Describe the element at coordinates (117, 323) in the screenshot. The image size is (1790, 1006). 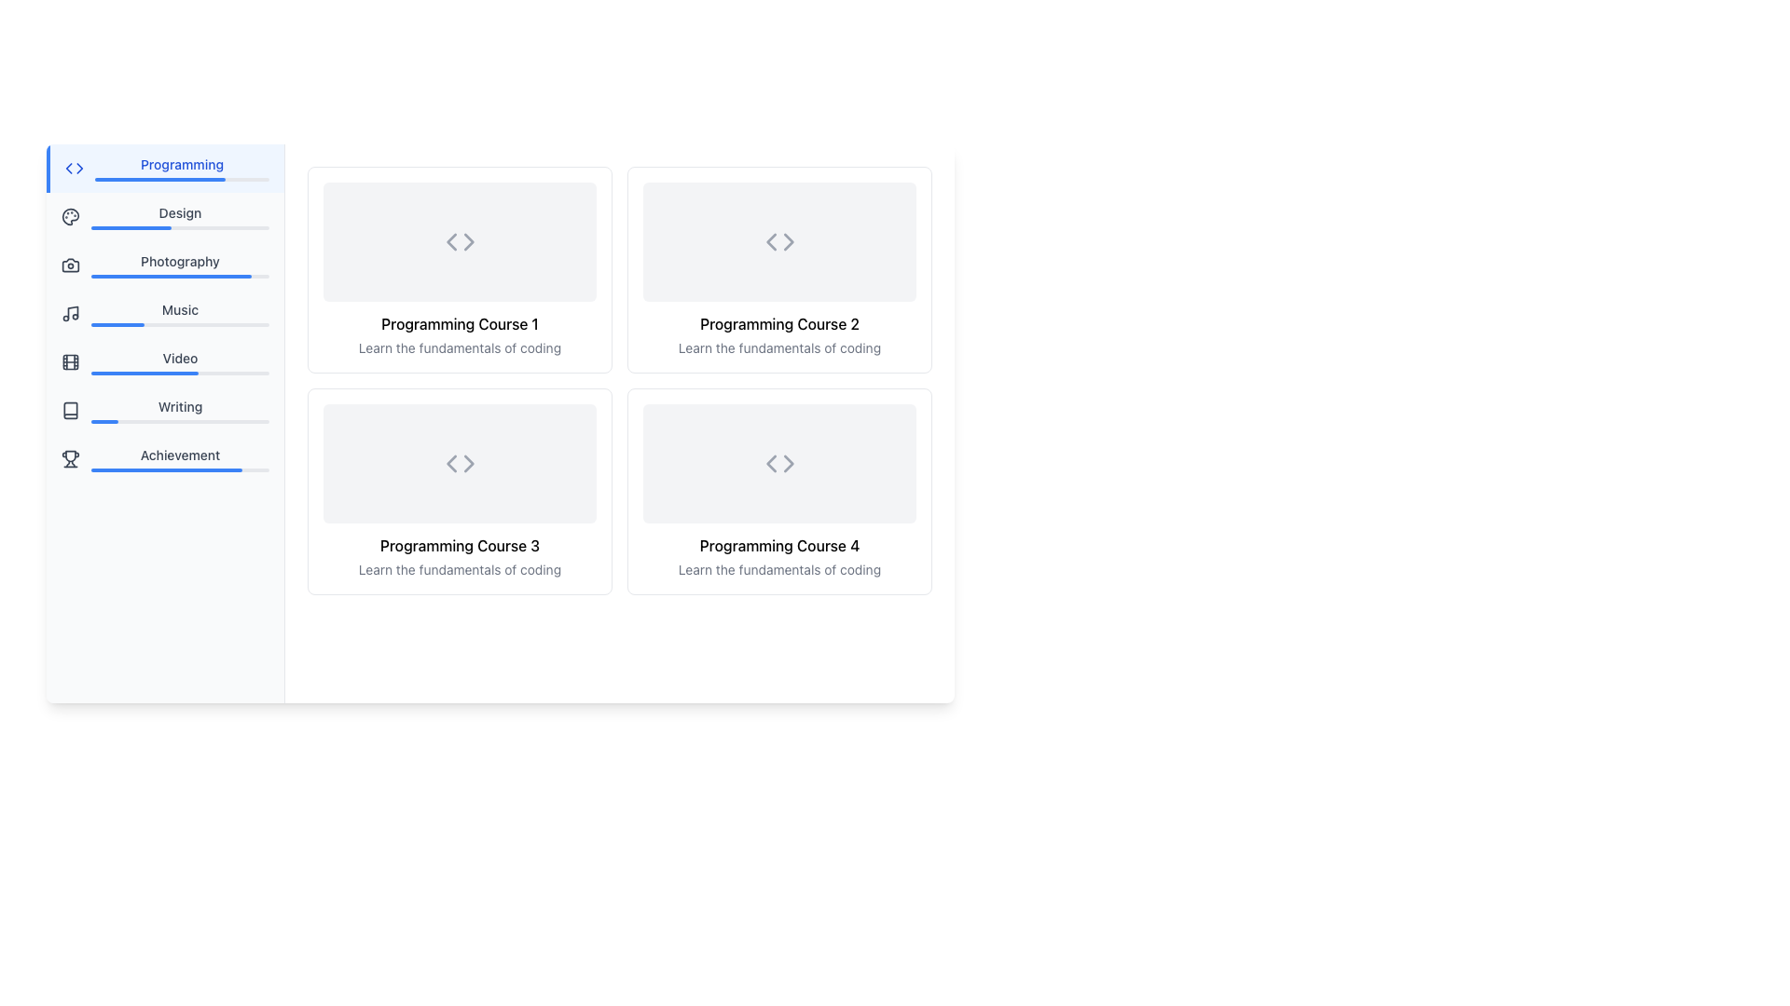
I see `the active segment of the progress bar for the 'Music' category, which visually indicates progress within the left navigation panel` at that location.